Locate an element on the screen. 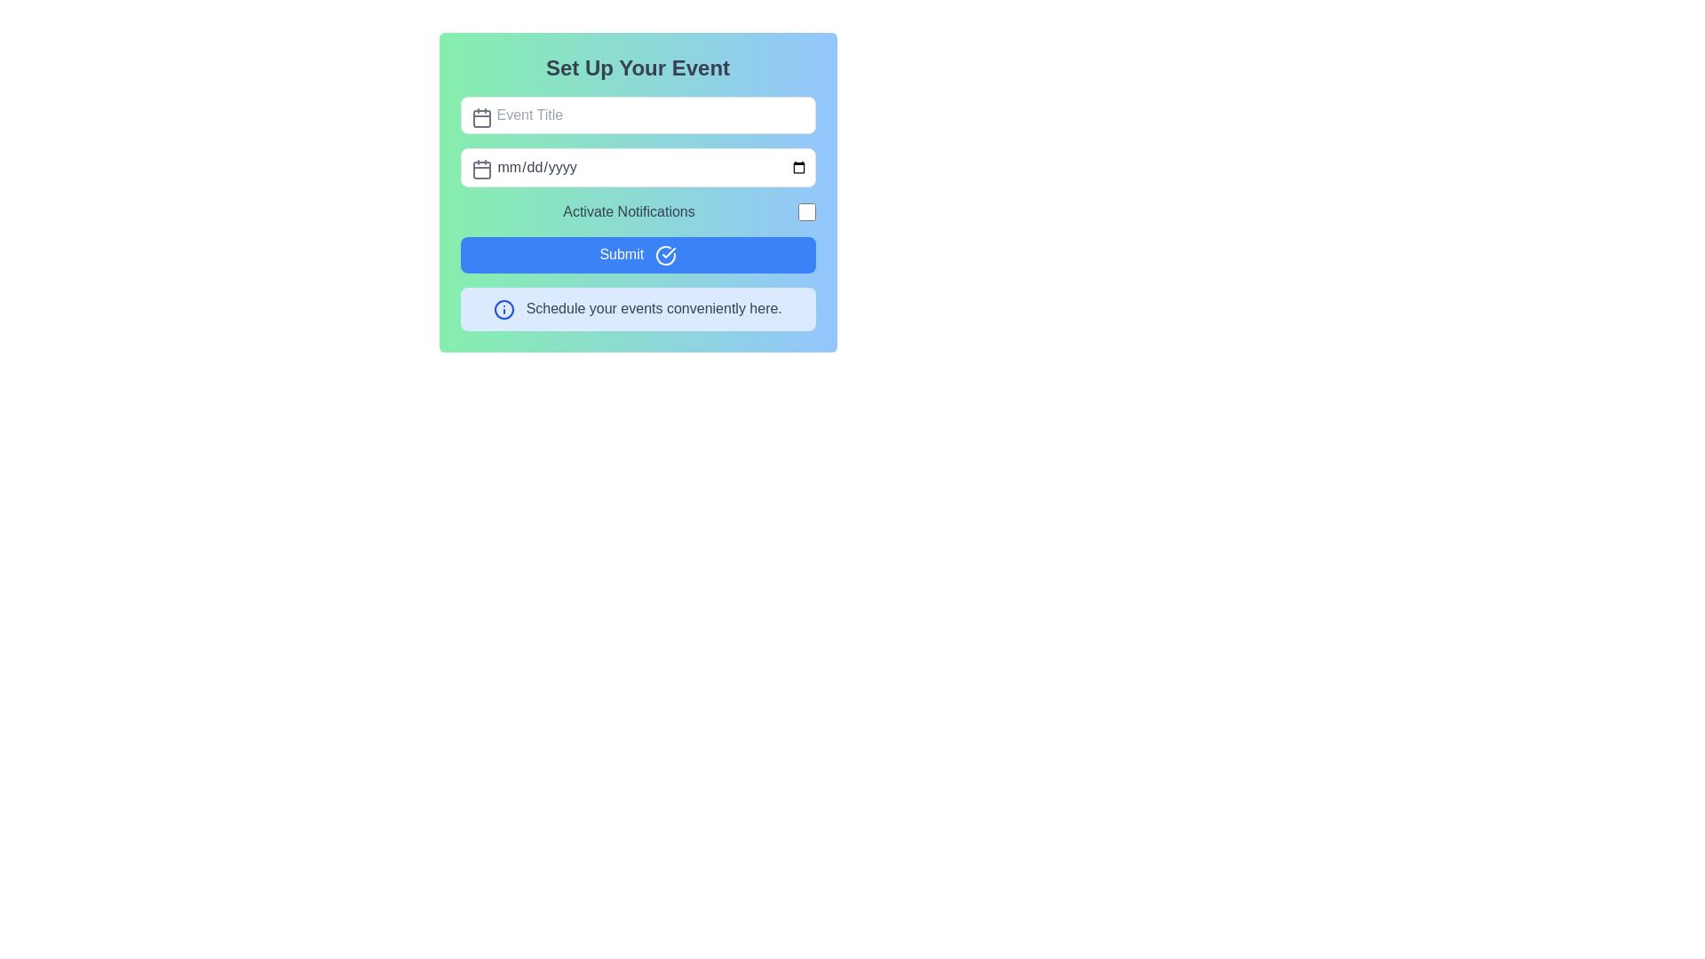  the informational text box with an icon that provides instructions for event scheduling, located centrally below the 'Submit' button is located at coordinates (638, 308).